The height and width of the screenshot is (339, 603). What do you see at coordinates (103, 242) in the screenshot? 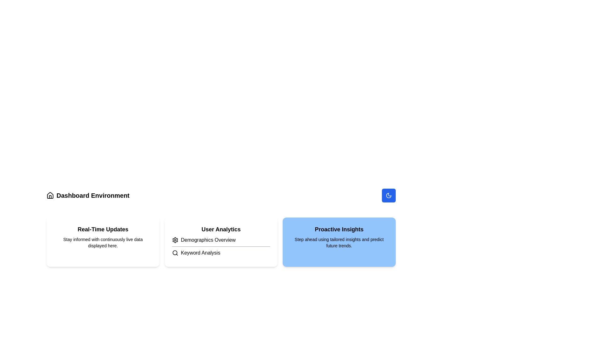
I see `displayed information from the first Informational card in the three-card grid layout, which is positioned on the far left and provides real-time updates regarding live data` at bounding box center [103, 242].